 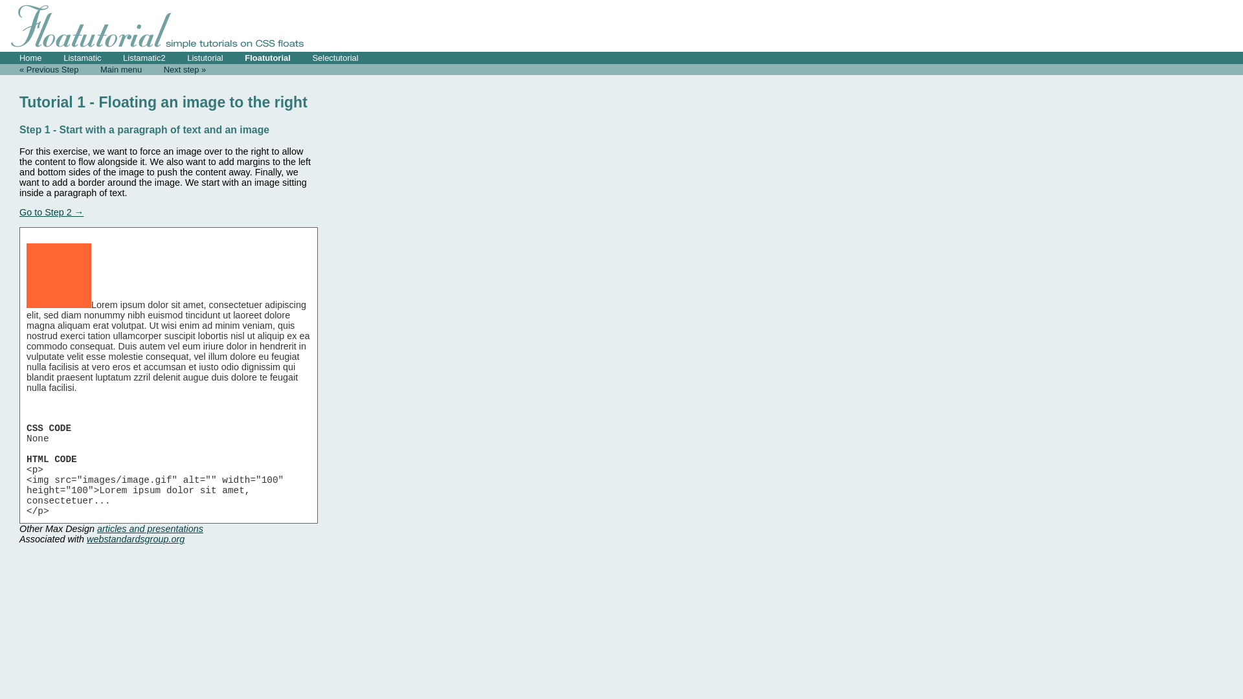 I want to click on 'Listamatic2', so click(x=144, y=57).